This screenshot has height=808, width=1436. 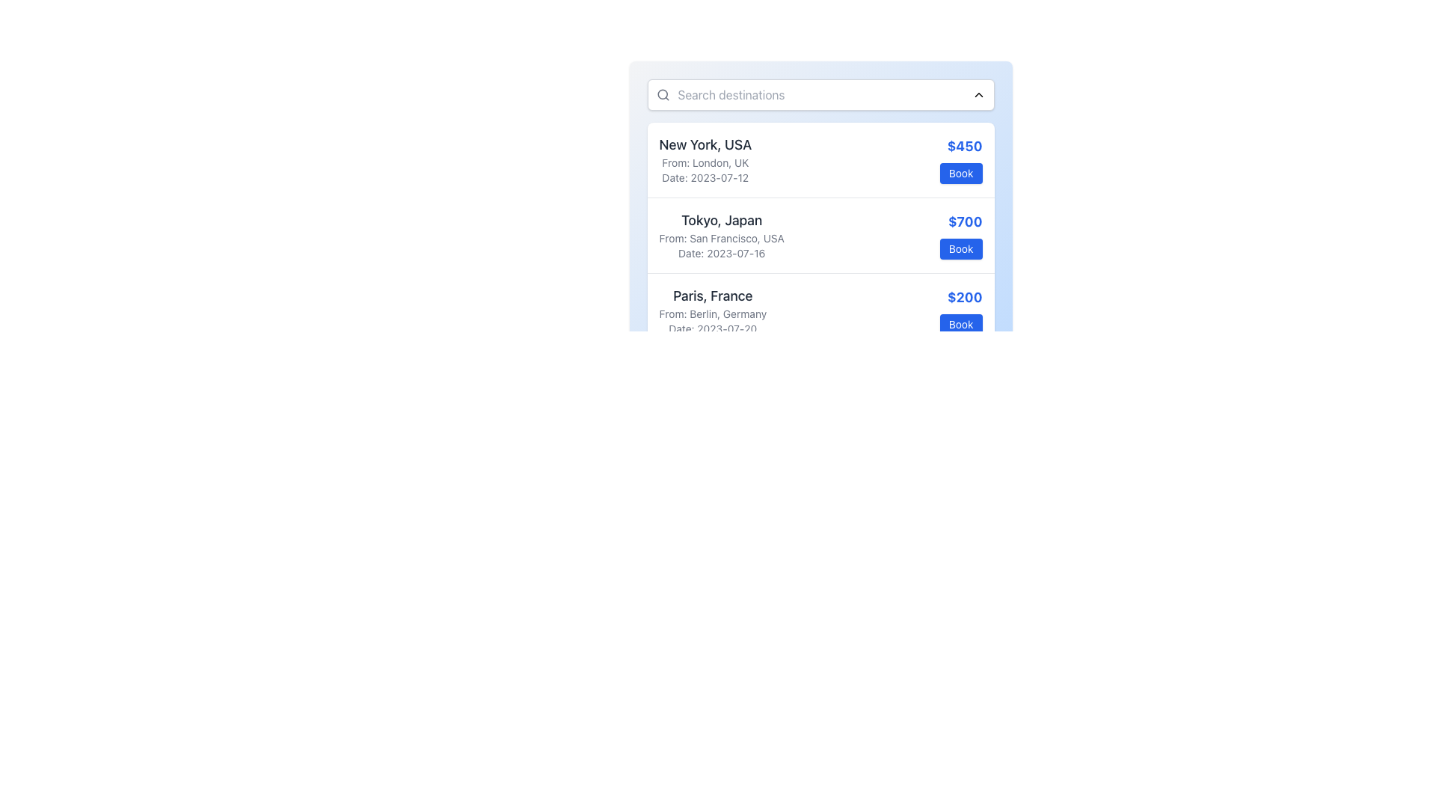 What do you see at coordinates (961, 236) in the screenshot?
I see `price information displayed in the Composite element for the trip to Tokyo, Japan, which includes a text component and a button for booking` at bounding box center [961, 236].